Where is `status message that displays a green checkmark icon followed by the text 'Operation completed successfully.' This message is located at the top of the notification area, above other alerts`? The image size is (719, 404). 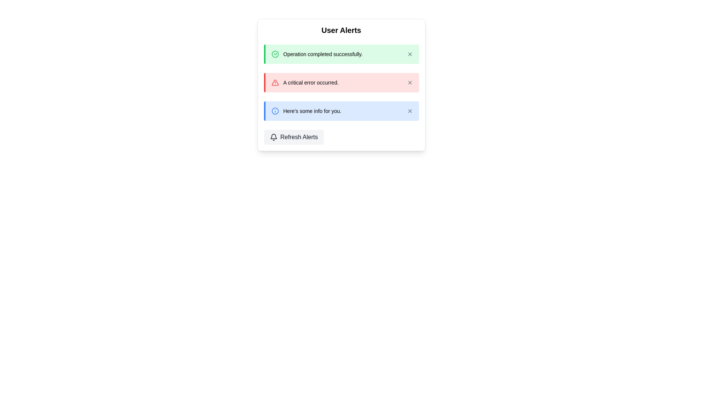
status message that displays a green checkmark icon followed by the text 'Operation completed successfully.' This message is located at the top of the notification area, above other alerts is located at coordinates (317, 54).